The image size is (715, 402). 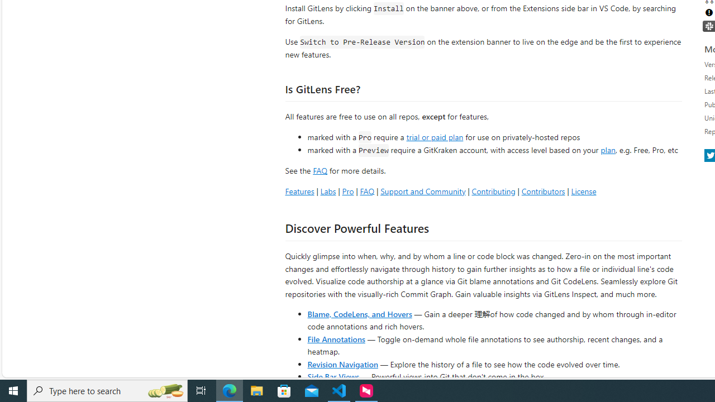 What do you see at coordinates (367, 190) in the screenshot?
I see `'FAQ'` at bounding box center [367, 190].